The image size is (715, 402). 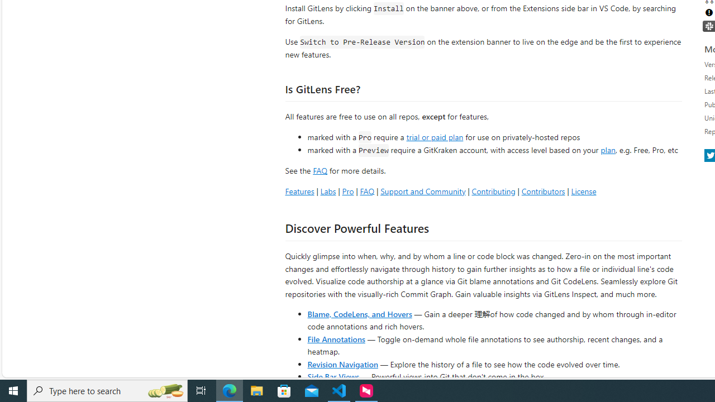 What do you see at coordinates (367, 190) in the screenshot?
I see `'FAQ'` at bounding box center [367, 190].